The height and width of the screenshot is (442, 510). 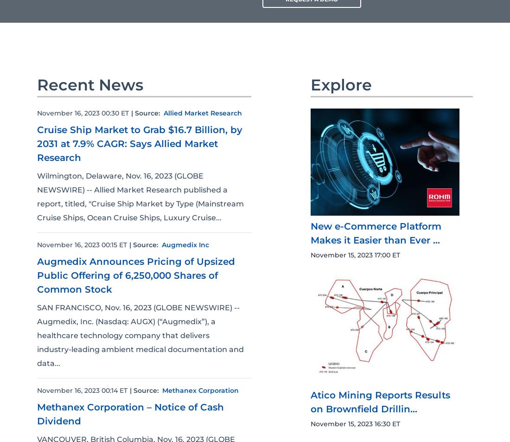 What do you see at coordinates (139, 142) in the screenshot?
I see `'Cruise Ship Market to Grab $16.7 Billion, by 2031 at 7.9% CAGR: Says Allied Market Research'` at bounding box center [139, 142].